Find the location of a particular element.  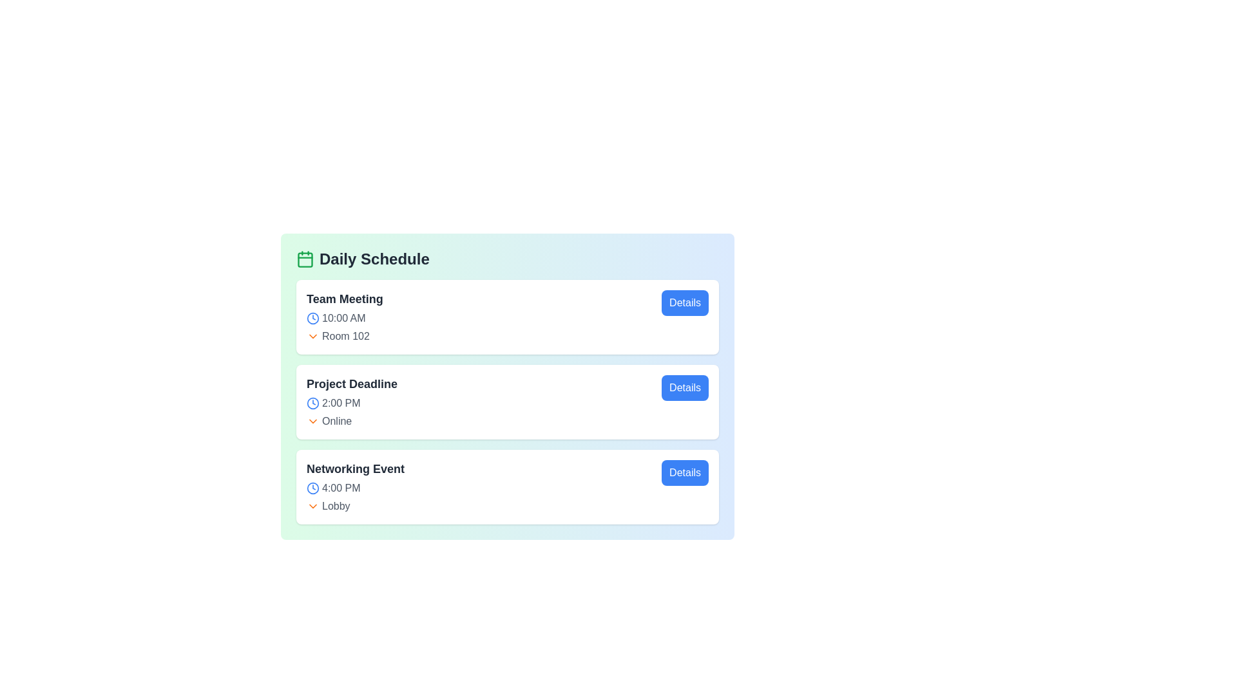

the expandable or collapsible icon located immediately to the left of the 'Online' text in the second entry of the 'Daily Schedule' list is located at coordinates (312, 422).